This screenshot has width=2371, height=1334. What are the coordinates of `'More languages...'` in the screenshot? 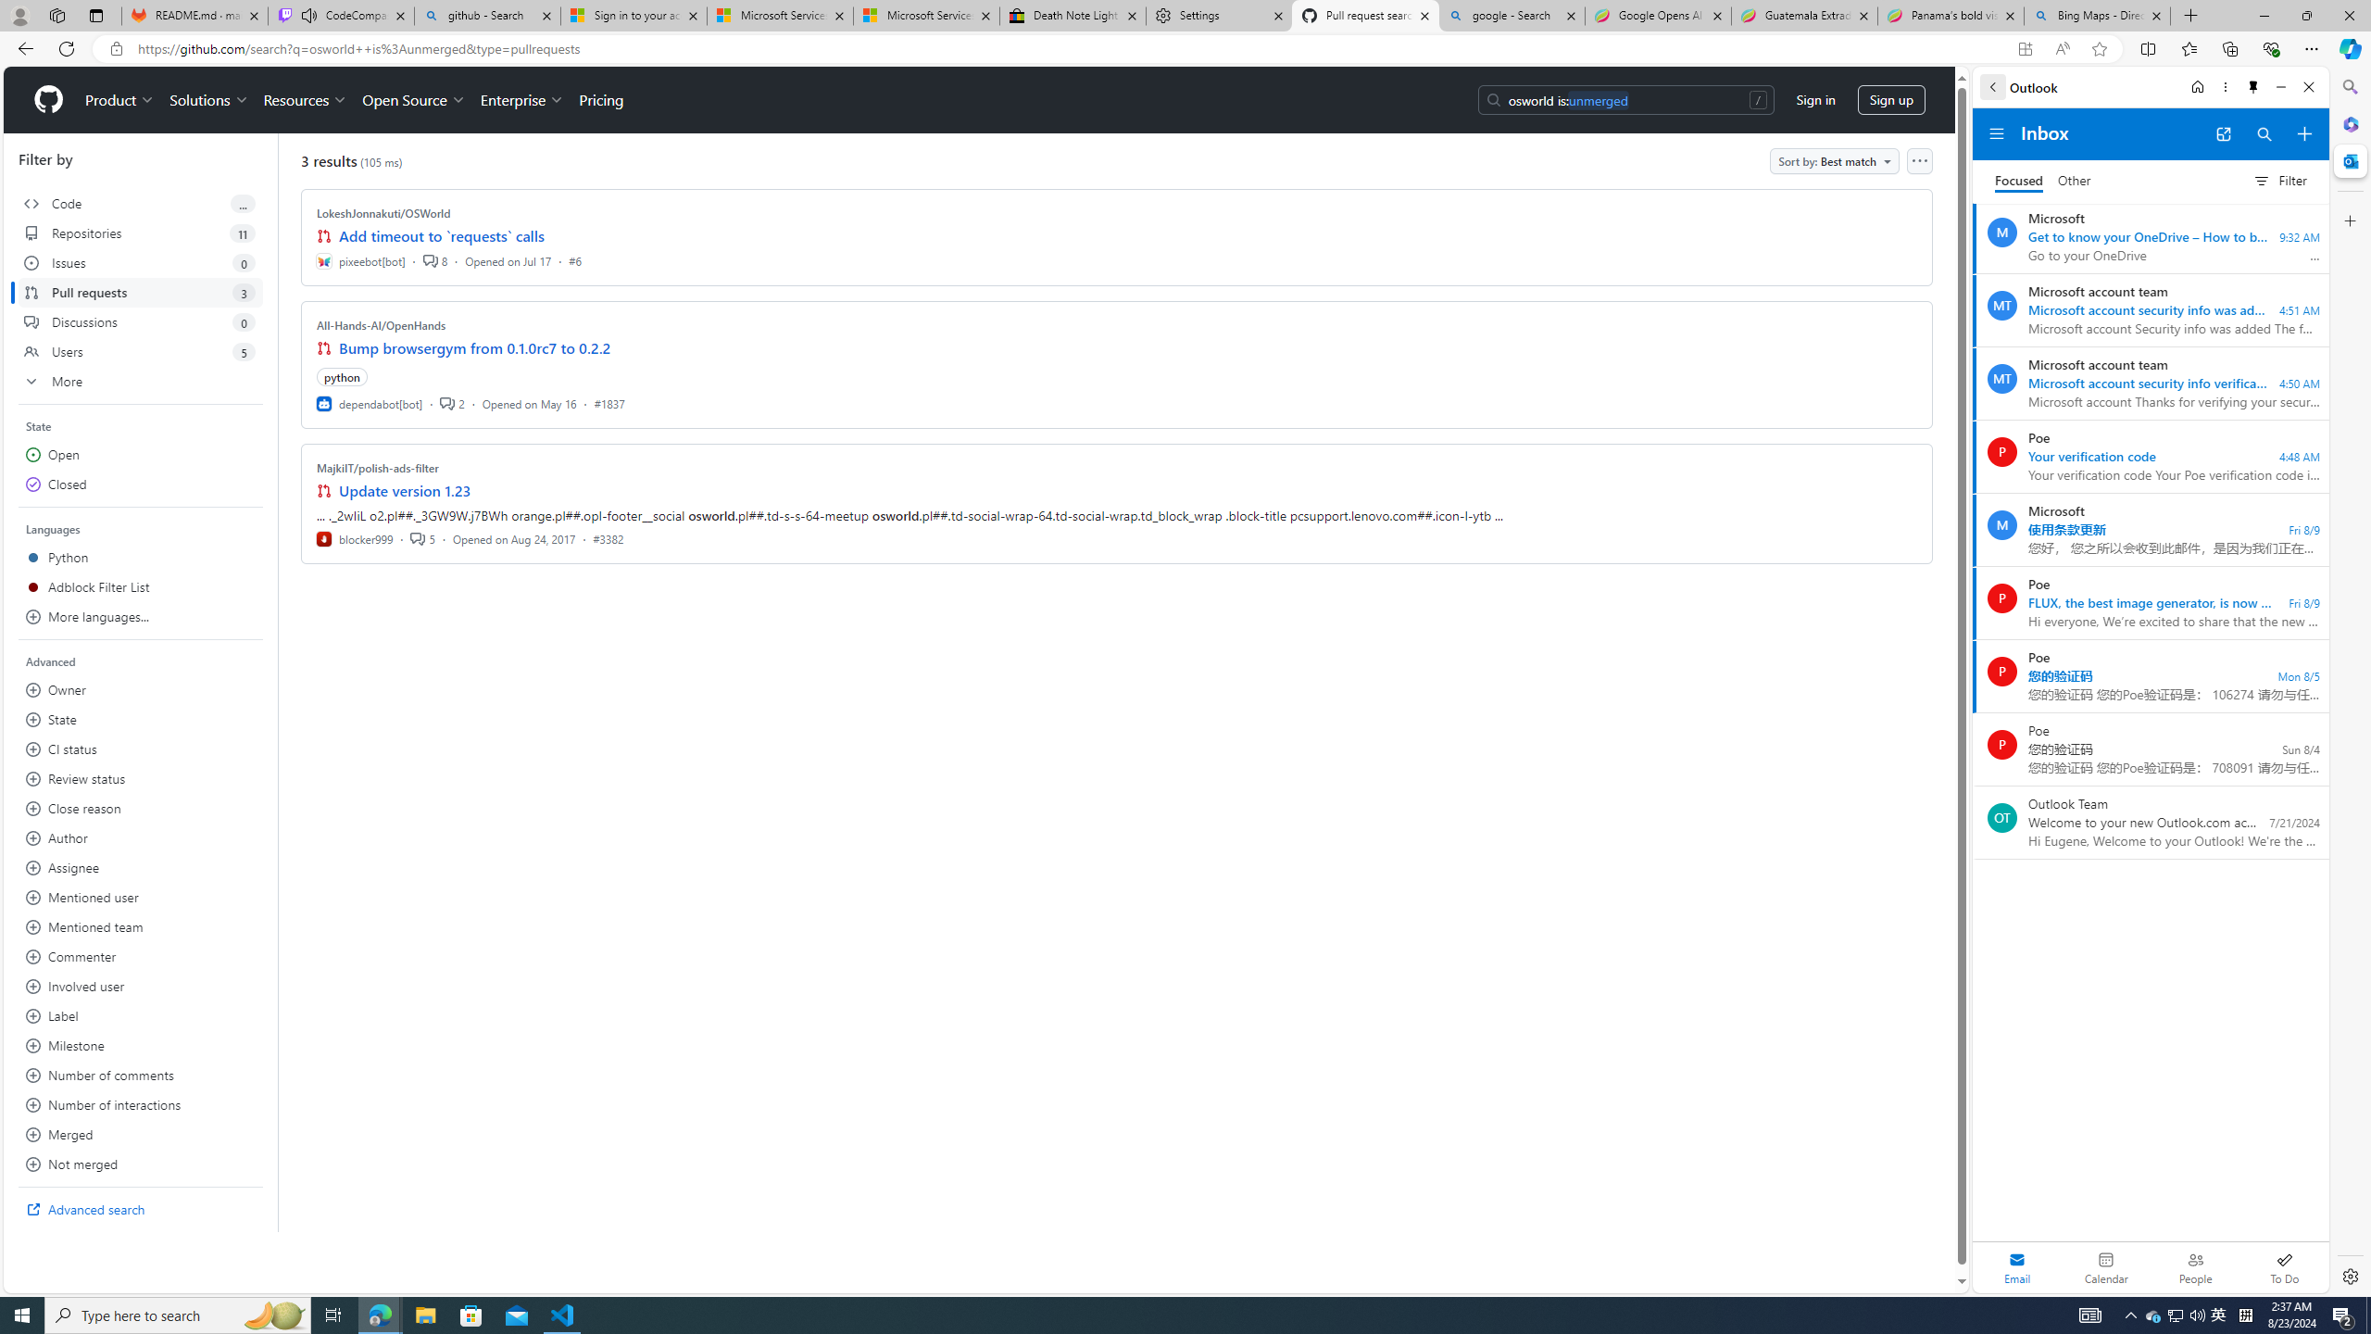 It's located at (140, 617).